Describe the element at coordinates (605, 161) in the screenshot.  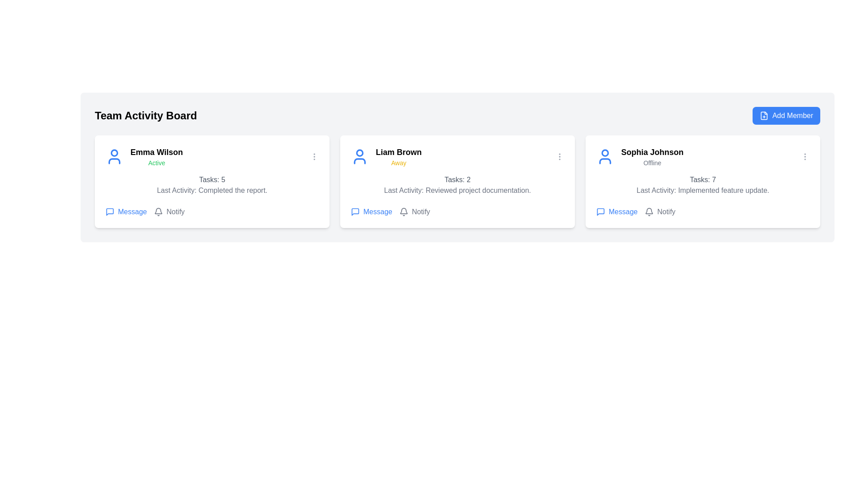
I see `the lower portion of the avatar icon for 'Sophia Johnson' located at the top-left corner of the card` at that location.